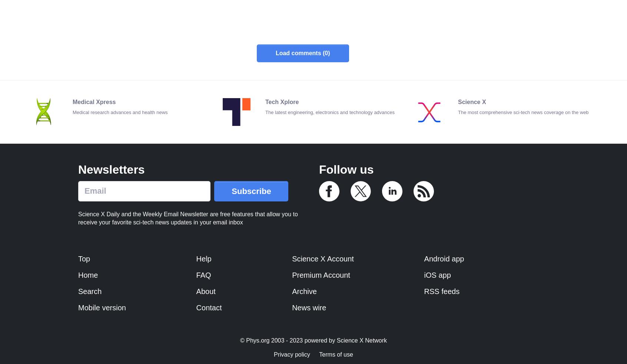  I want to click on 'Science X Account', so click(292, 258).